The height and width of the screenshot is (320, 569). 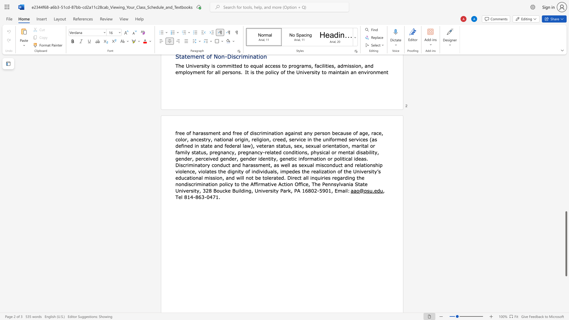 What do you see at coordinates (566, 190) in the screenshot?
I see `the scrollbar to scroll upward` at bounding box center [566, 190].